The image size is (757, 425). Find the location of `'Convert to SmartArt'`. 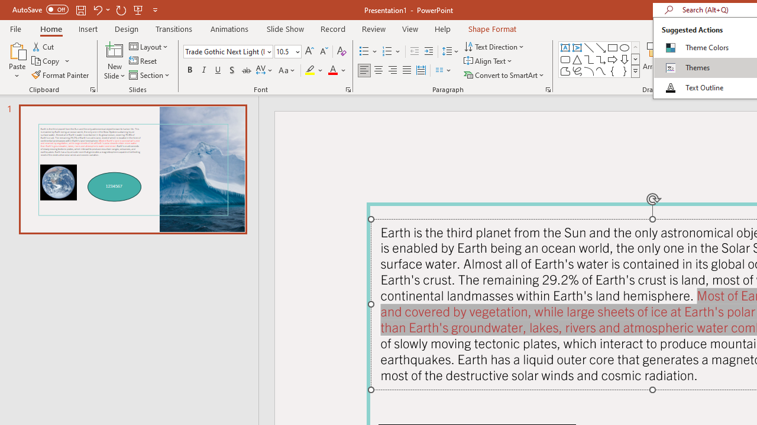

'Convert to SmartArt' is located at coordinates (504, 75).